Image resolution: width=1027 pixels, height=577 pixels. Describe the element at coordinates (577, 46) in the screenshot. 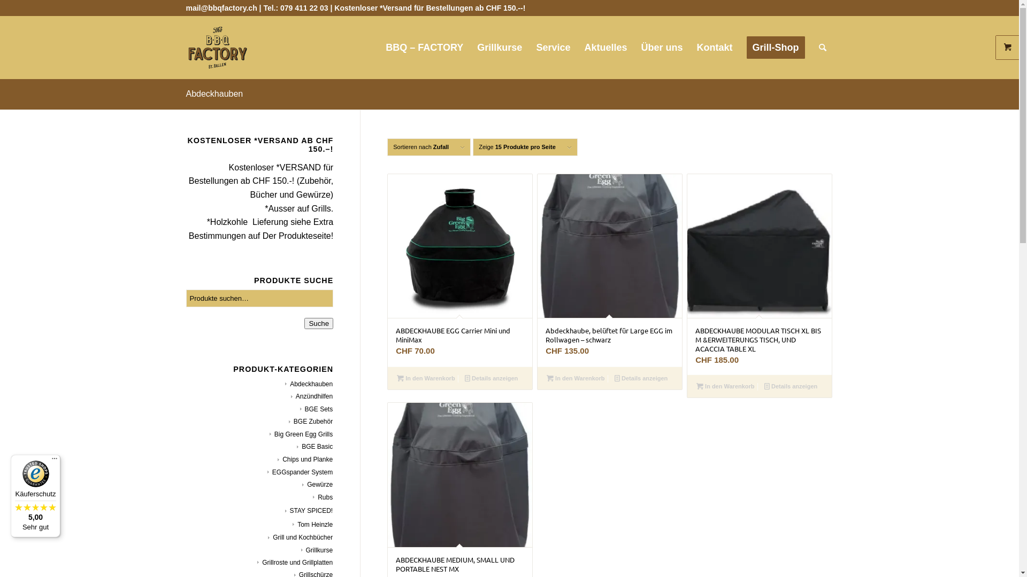

I see `'Aktuelles'` at that location.